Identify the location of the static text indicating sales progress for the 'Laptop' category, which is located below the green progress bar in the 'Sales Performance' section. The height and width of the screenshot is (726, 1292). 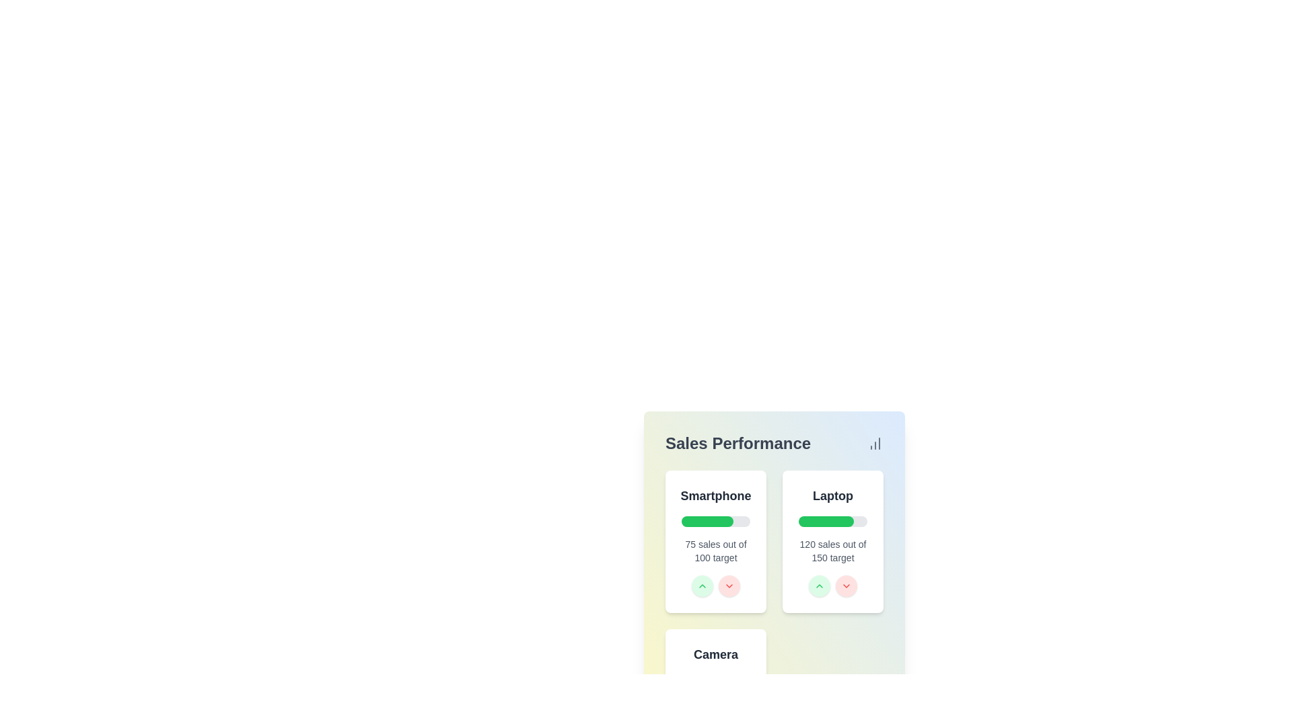
(832, 551).